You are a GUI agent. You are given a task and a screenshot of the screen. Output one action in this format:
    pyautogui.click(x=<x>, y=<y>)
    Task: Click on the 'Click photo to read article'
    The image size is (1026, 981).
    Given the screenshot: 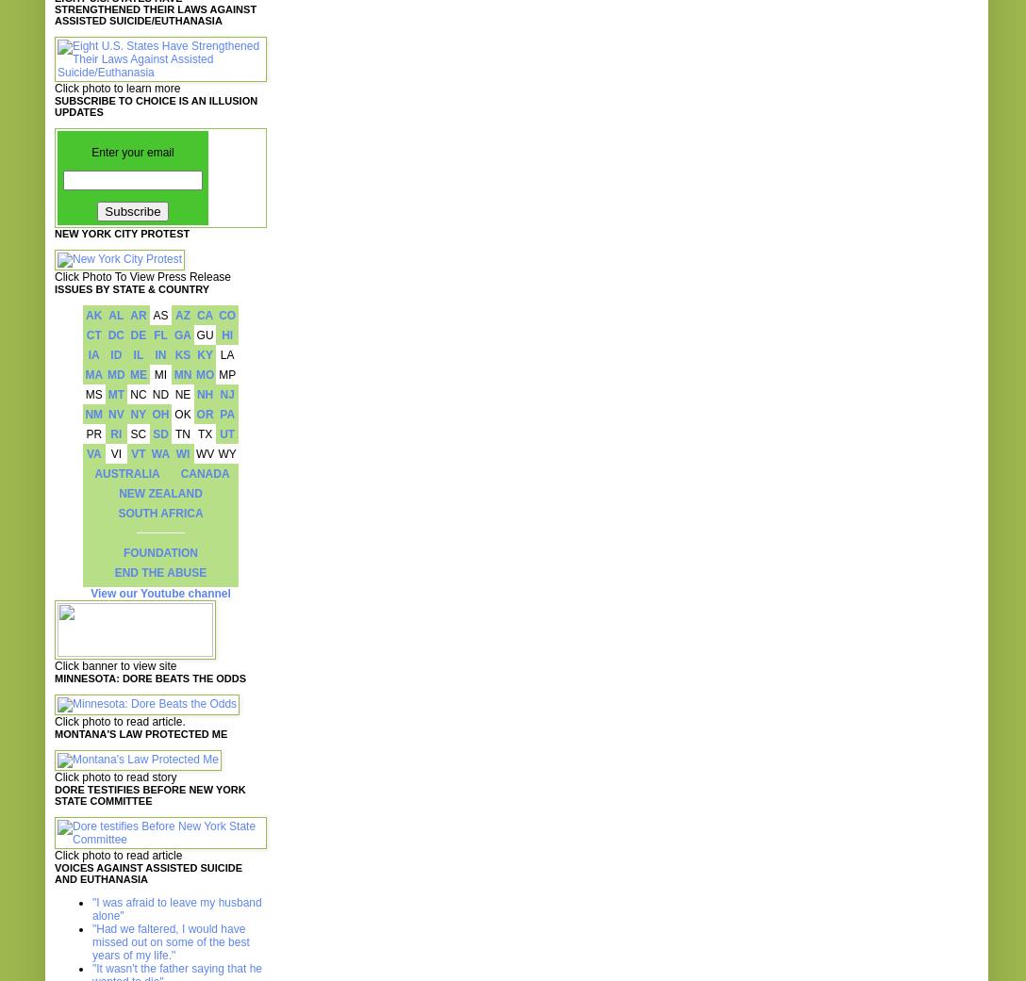 What is the action you would take?
    pyautogui.click(x=118, y=854)
    